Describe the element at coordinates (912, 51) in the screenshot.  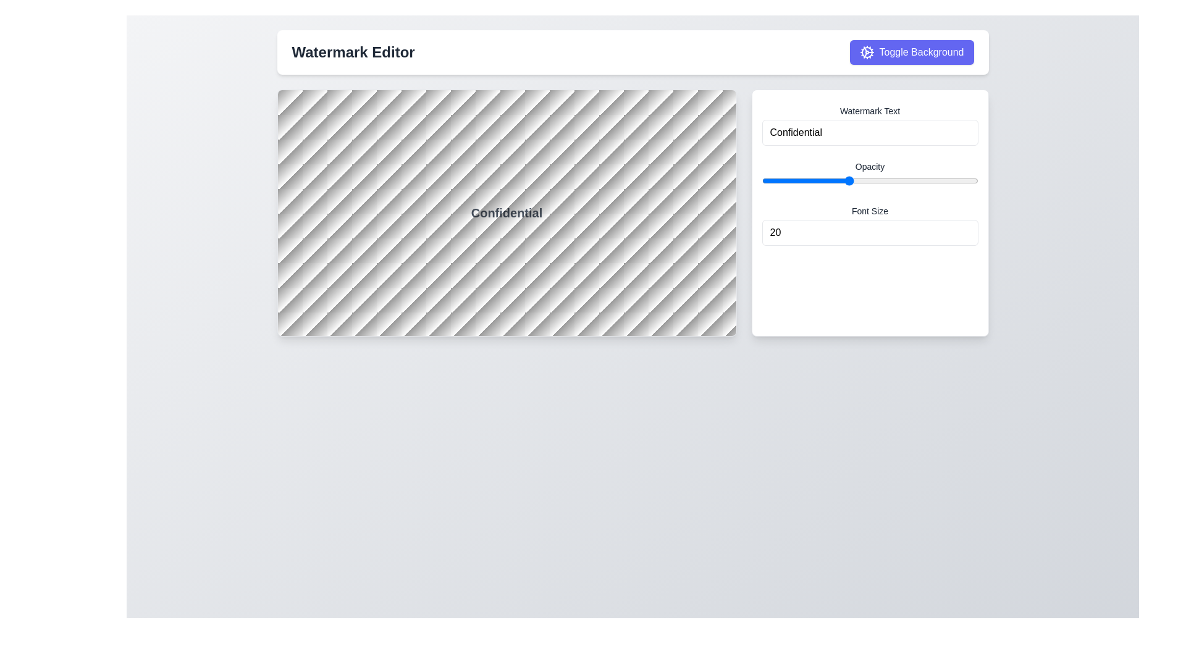
I see `the button that toggles the background of the associated editor interface, located to the right of the 'Watermark Editor' text` at that location.